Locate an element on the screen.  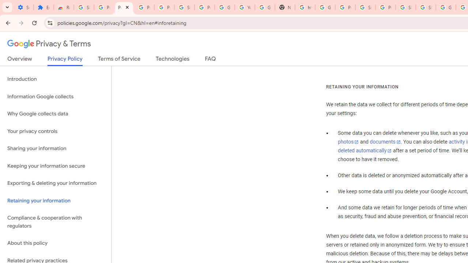
'Your privacy controls' is located at coordinates (55, 131).